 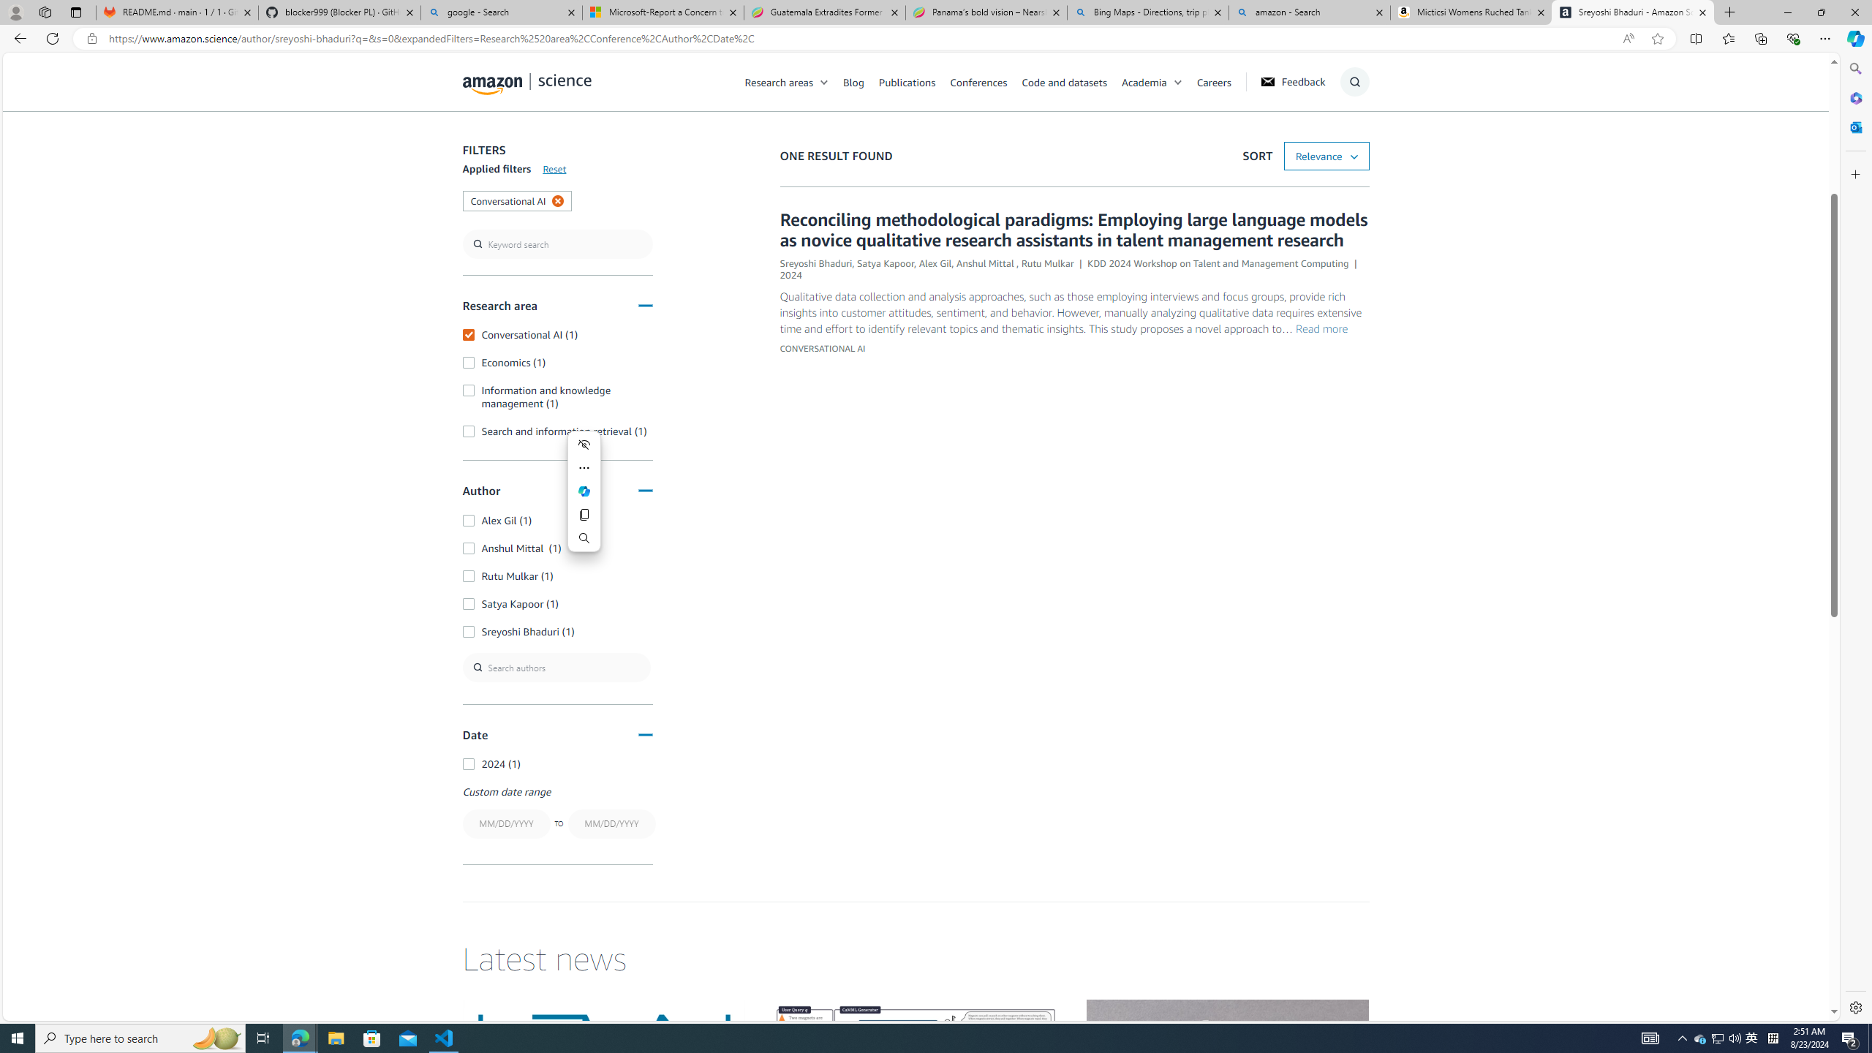 What do you see at coordinates (1729, 37) in the screenshot?
I see `'Favorites'` at bounding box center [1729, 37].